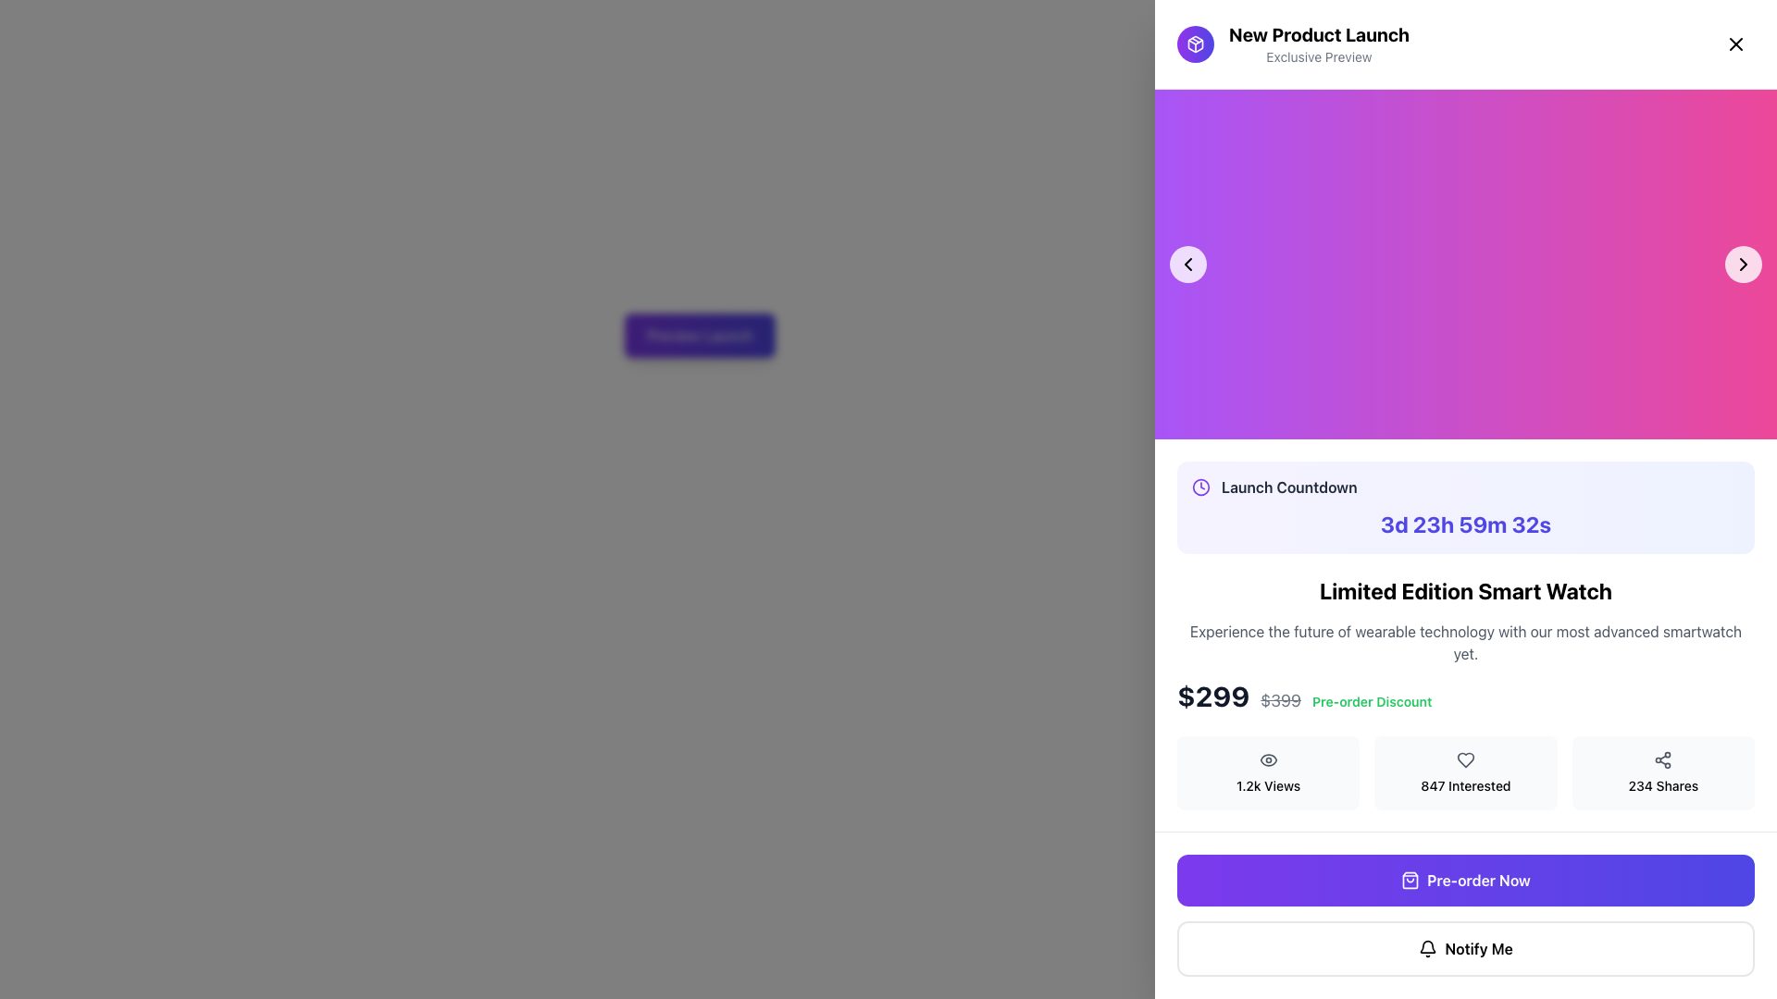  Describe the element at coordinates (1478, 949) in the screenshot. I see `the label that informs users about receiving notifications, located beneath the 'Pre-order Now' button and to the right of the bell icon` at that location.